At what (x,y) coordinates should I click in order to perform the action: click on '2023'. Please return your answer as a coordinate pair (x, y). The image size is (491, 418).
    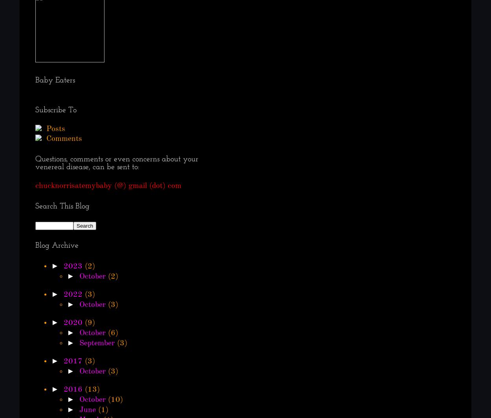
    Looking at the image, I should click on (73, 266).